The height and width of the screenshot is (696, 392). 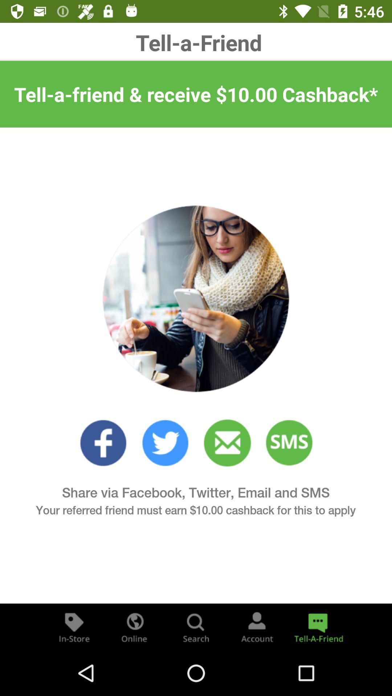 What do you see at coordinates (257, 626) in the screenshot?
I see `click account` at bounding box center [257, 626].